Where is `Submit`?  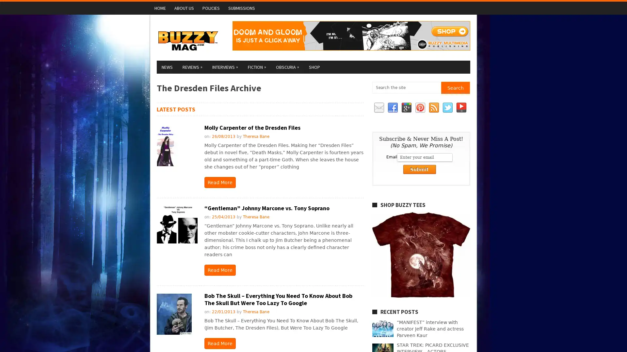
Submit is located at coordinates (419, 169).